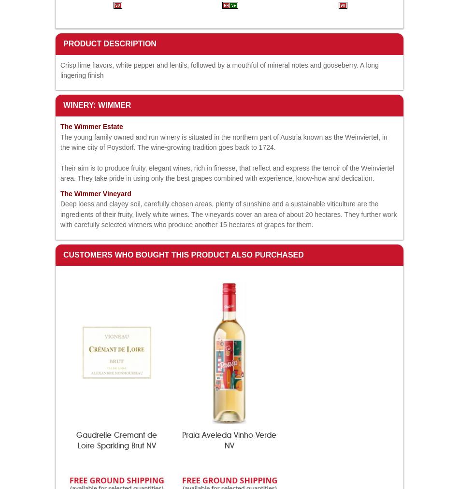 The height and width of the screenshot is (489, 459). I want to click on 'The', so click(67, 193).